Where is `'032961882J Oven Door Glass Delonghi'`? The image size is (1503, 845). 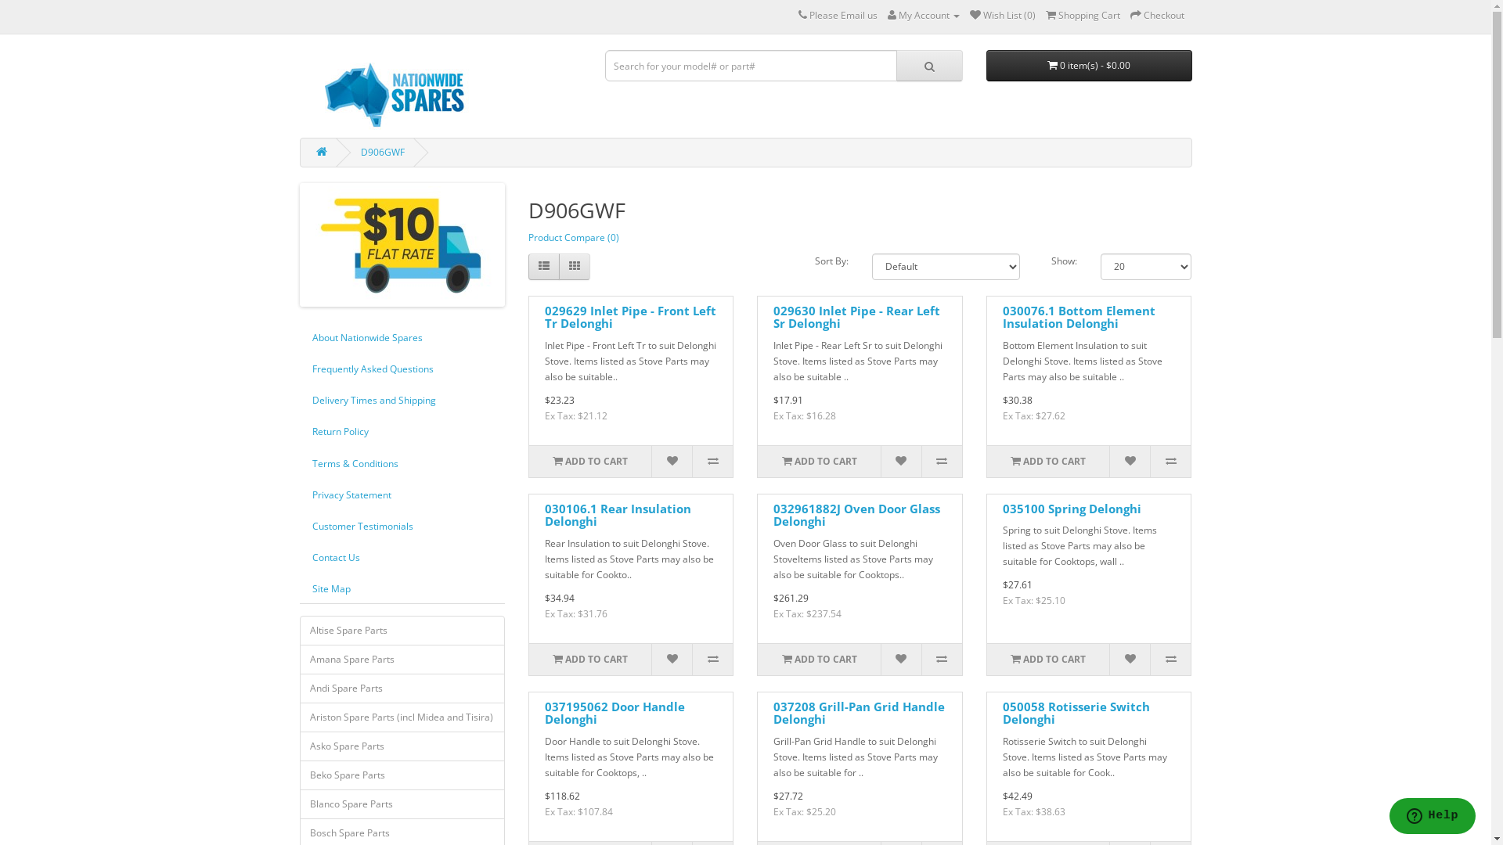
'032961882J Oven Door Glass Delonghi' is located at coordinates (856, 515).